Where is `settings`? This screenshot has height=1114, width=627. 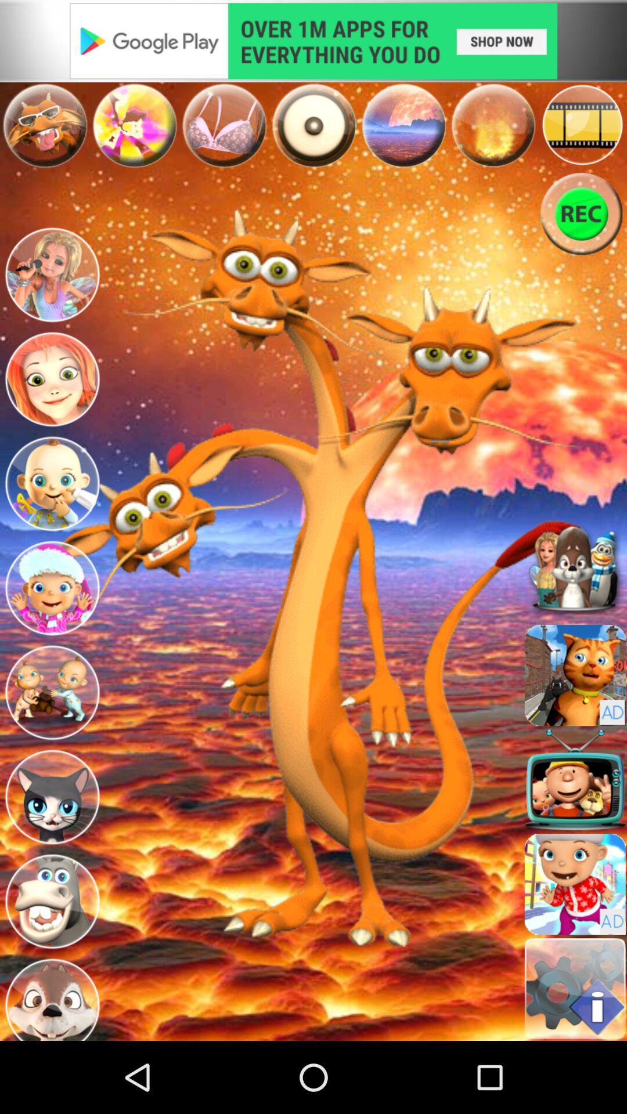 settings is located at coordinates (575, 988).